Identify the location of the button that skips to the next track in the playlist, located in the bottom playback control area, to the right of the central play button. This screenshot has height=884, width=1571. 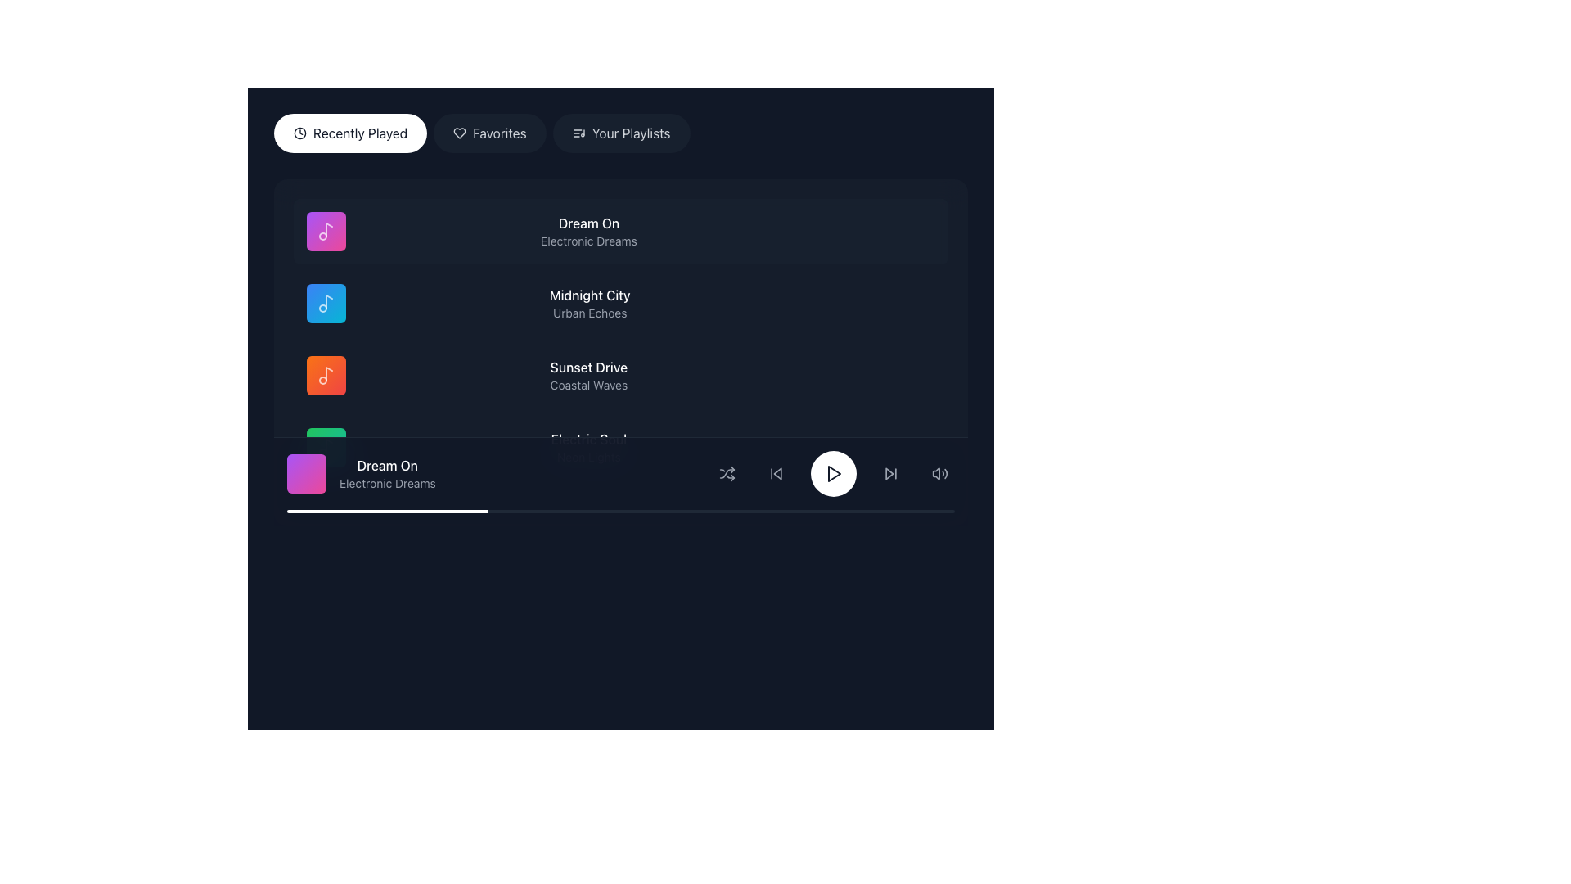
(890, 473).